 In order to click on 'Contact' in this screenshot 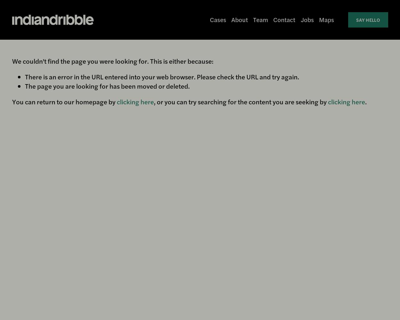, I will do `click(284, 19)`.